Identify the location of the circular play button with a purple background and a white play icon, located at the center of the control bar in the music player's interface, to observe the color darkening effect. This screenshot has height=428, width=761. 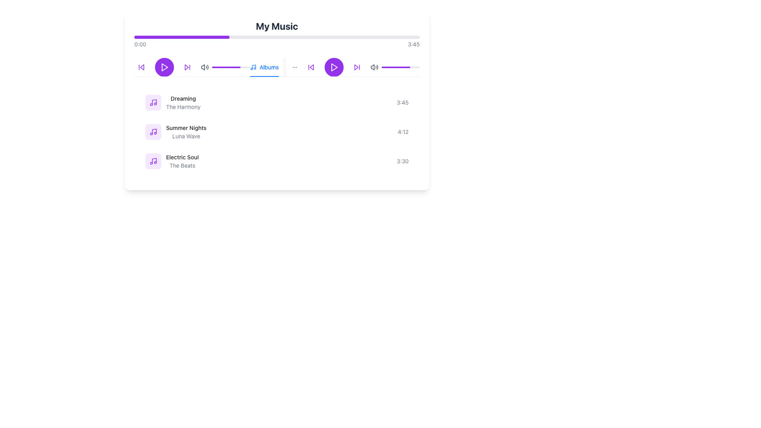
(334, 67).